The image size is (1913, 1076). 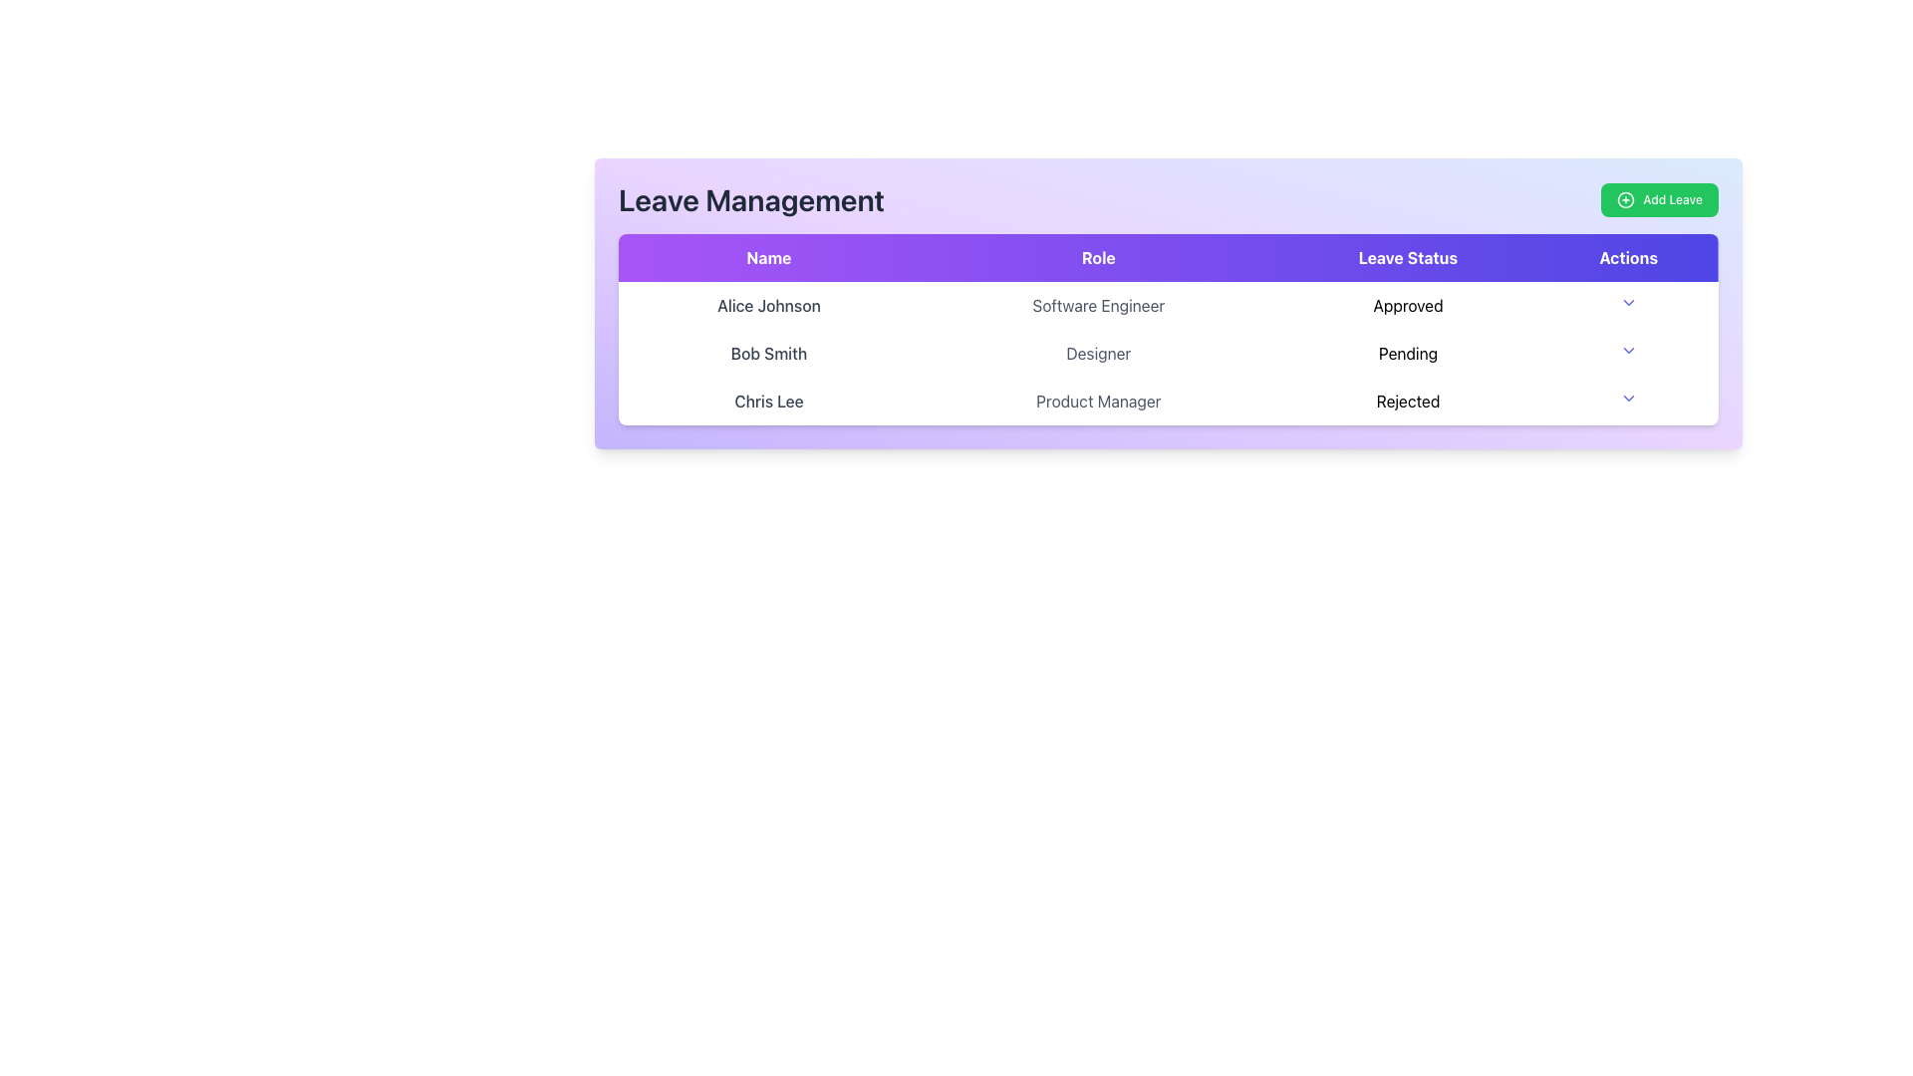 I want to click on the dropdown toggle button styled as a downward-facing blue arrow in the Actions column of Bob Smith's row in the Leave Management table to indicate interactivity, so click(x=1628, y=352).